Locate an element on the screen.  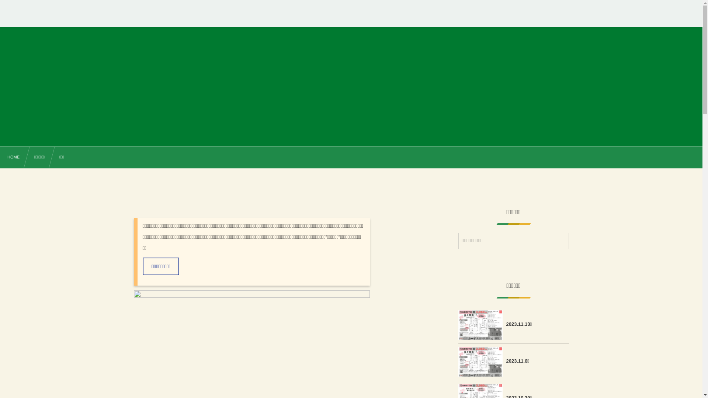
'HOME' is located at coordinates (13, 157).